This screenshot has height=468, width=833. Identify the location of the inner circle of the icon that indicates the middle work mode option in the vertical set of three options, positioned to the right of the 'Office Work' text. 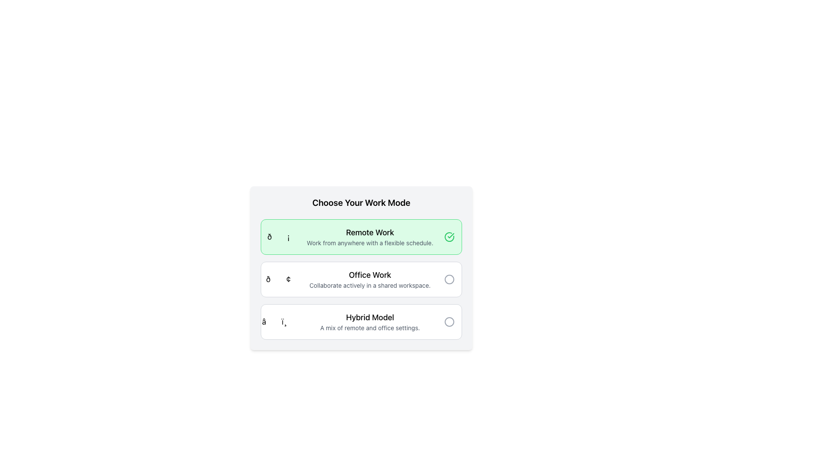
(449, 279).